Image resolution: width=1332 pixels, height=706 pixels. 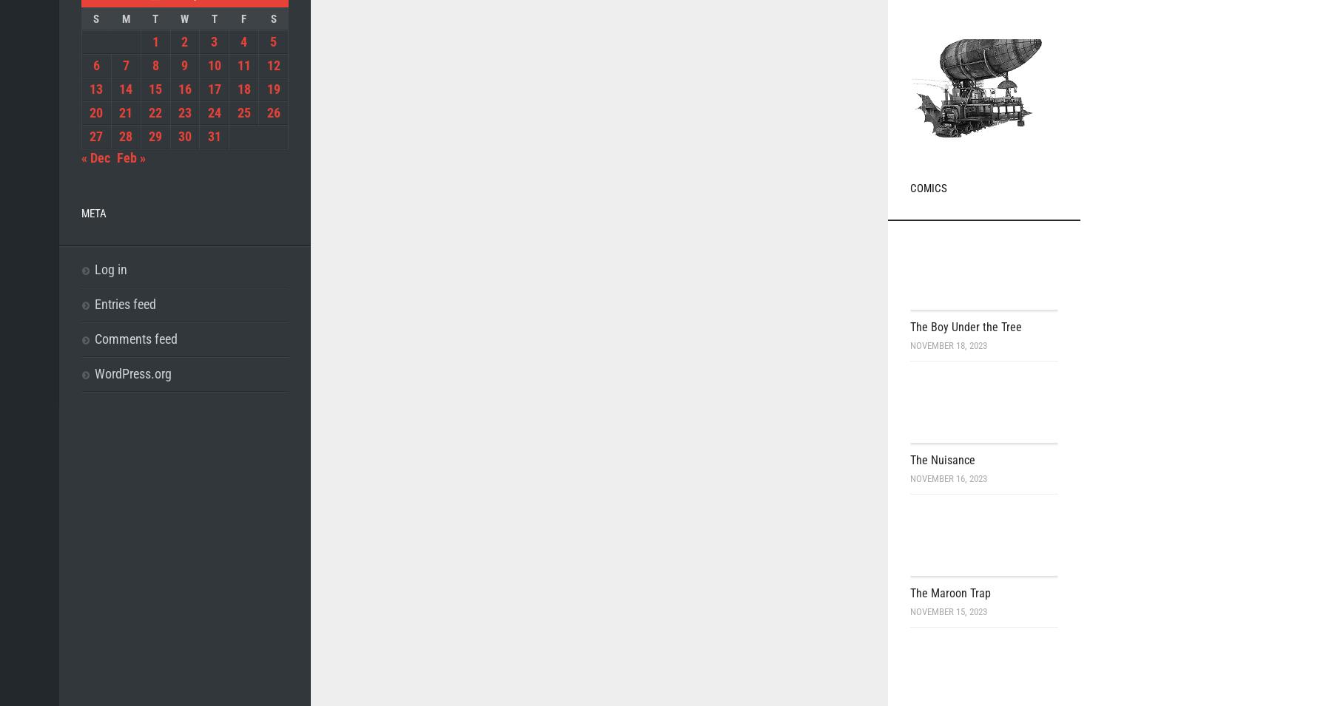 I want to click on 'WordPress.org', so click(x=133, y=373).